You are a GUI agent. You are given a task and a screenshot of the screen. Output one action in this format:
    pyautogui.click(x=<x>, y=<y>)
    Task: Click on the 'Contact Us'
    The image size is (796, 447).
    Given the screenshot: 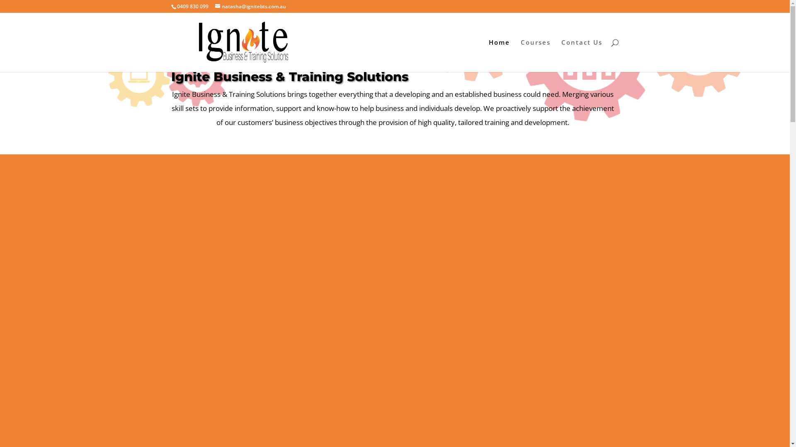 What is the action you would take?
    pyautogui.click(x=581, y=55)
    